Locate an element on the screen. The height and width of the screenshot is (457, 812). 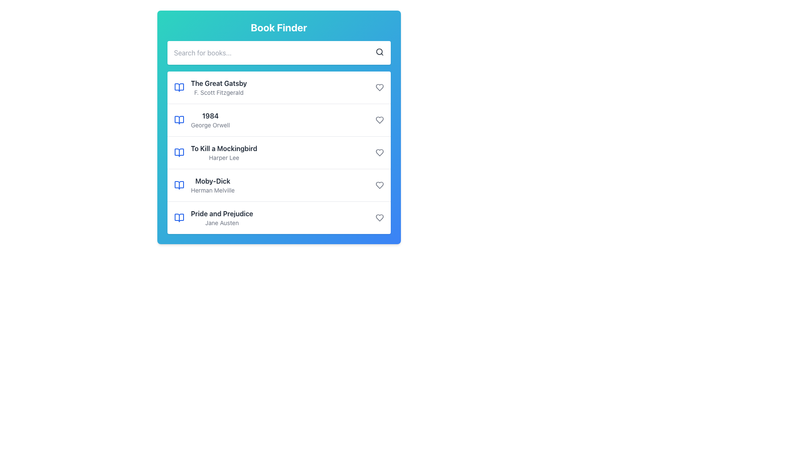
the decorative book icon representing 'The Great Gatsby', which is the first item in a list of similar icons, located to the left of the title and author information is located at coordinates (178, 88).